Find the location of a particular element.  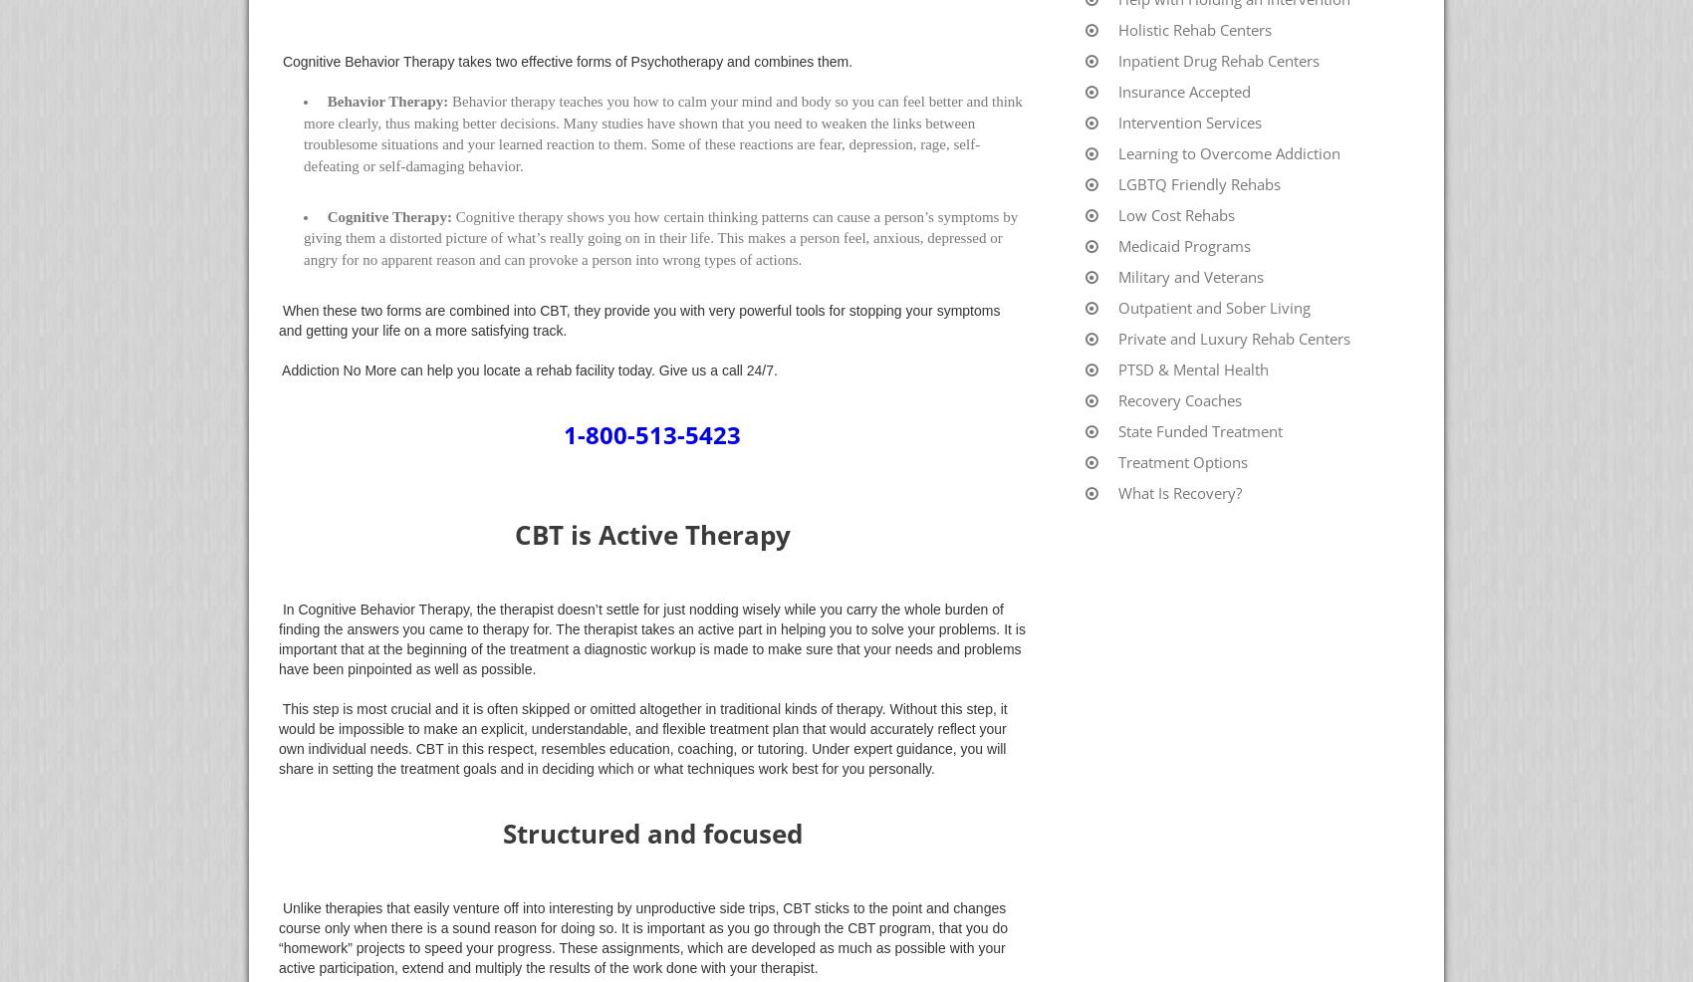

'Behavior therapy teaches you how to calm your mind and body so you can feel better and think more clearly, thus making better decisions. Many studies have shown that you need to weaken the links between troublesome situations and your learned reaction to them. Some of these reactions are fear, depression, rage, self-defeating or self-damaging behavior.' is located at coordinates (662, 132).